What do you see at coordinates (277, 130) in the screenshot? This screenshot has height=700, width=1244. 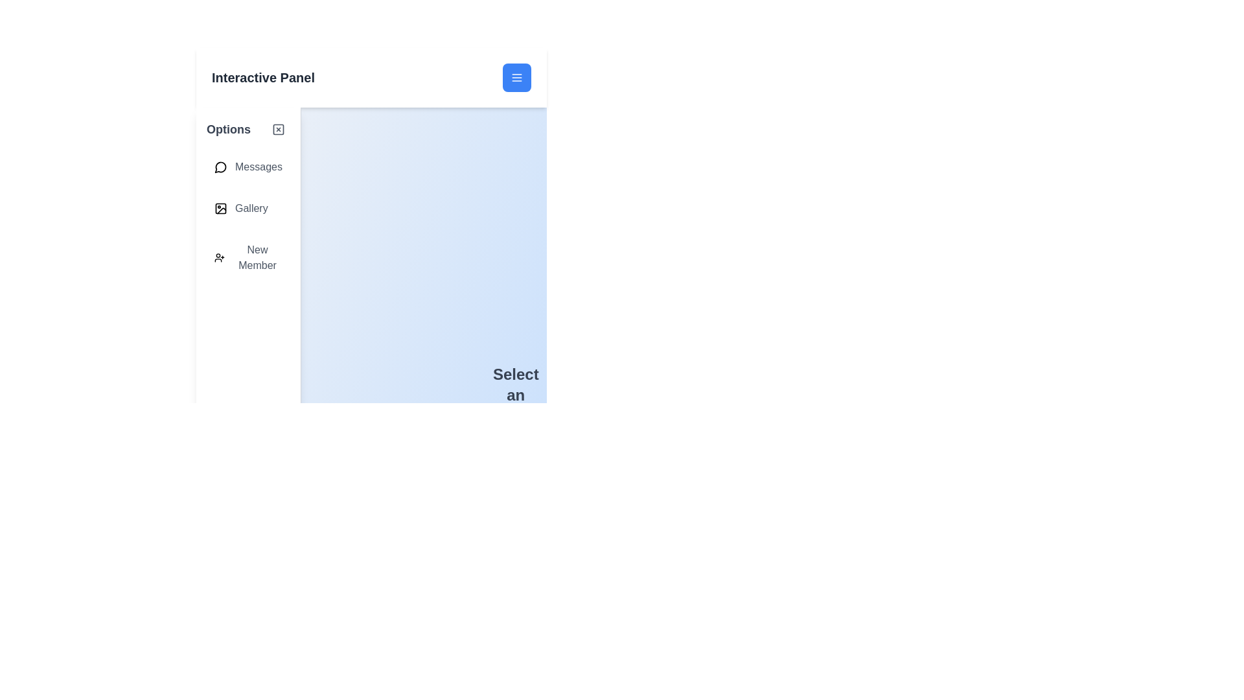 I see `the square icon button with a gray border and a cross inside it located in the left sidebar, next to the 'Options' label` at bounding box center [277, 130].